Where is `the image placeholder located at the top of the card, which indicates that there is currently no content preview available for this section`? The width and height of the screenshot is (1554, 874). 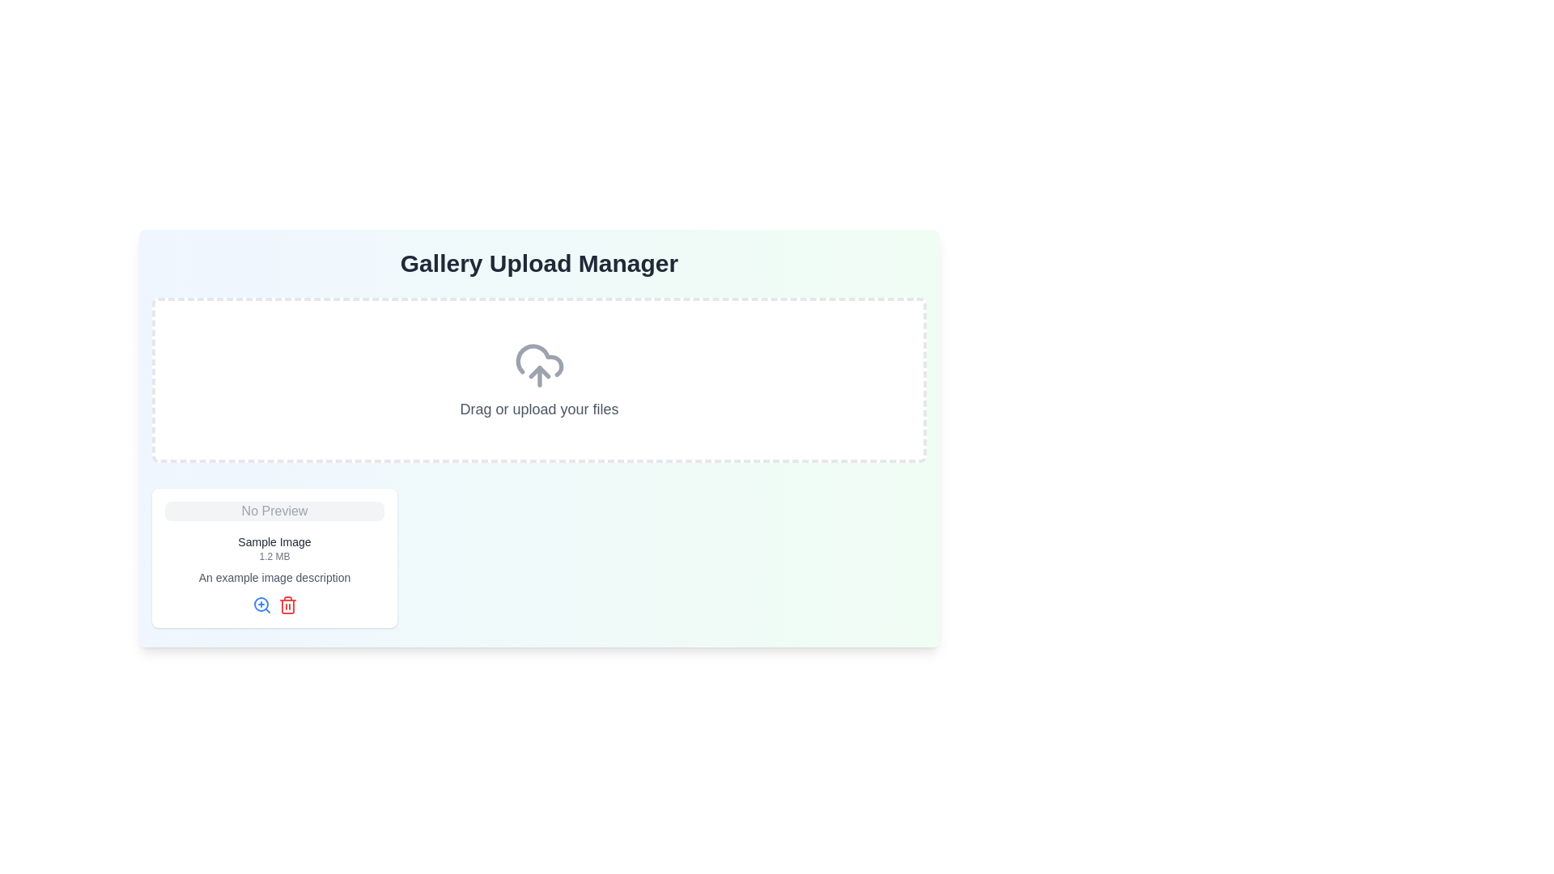
the image placeholder located at the top of the card, which indicates that there is currently no content preview available for this section is located at coordinates (274, 511).